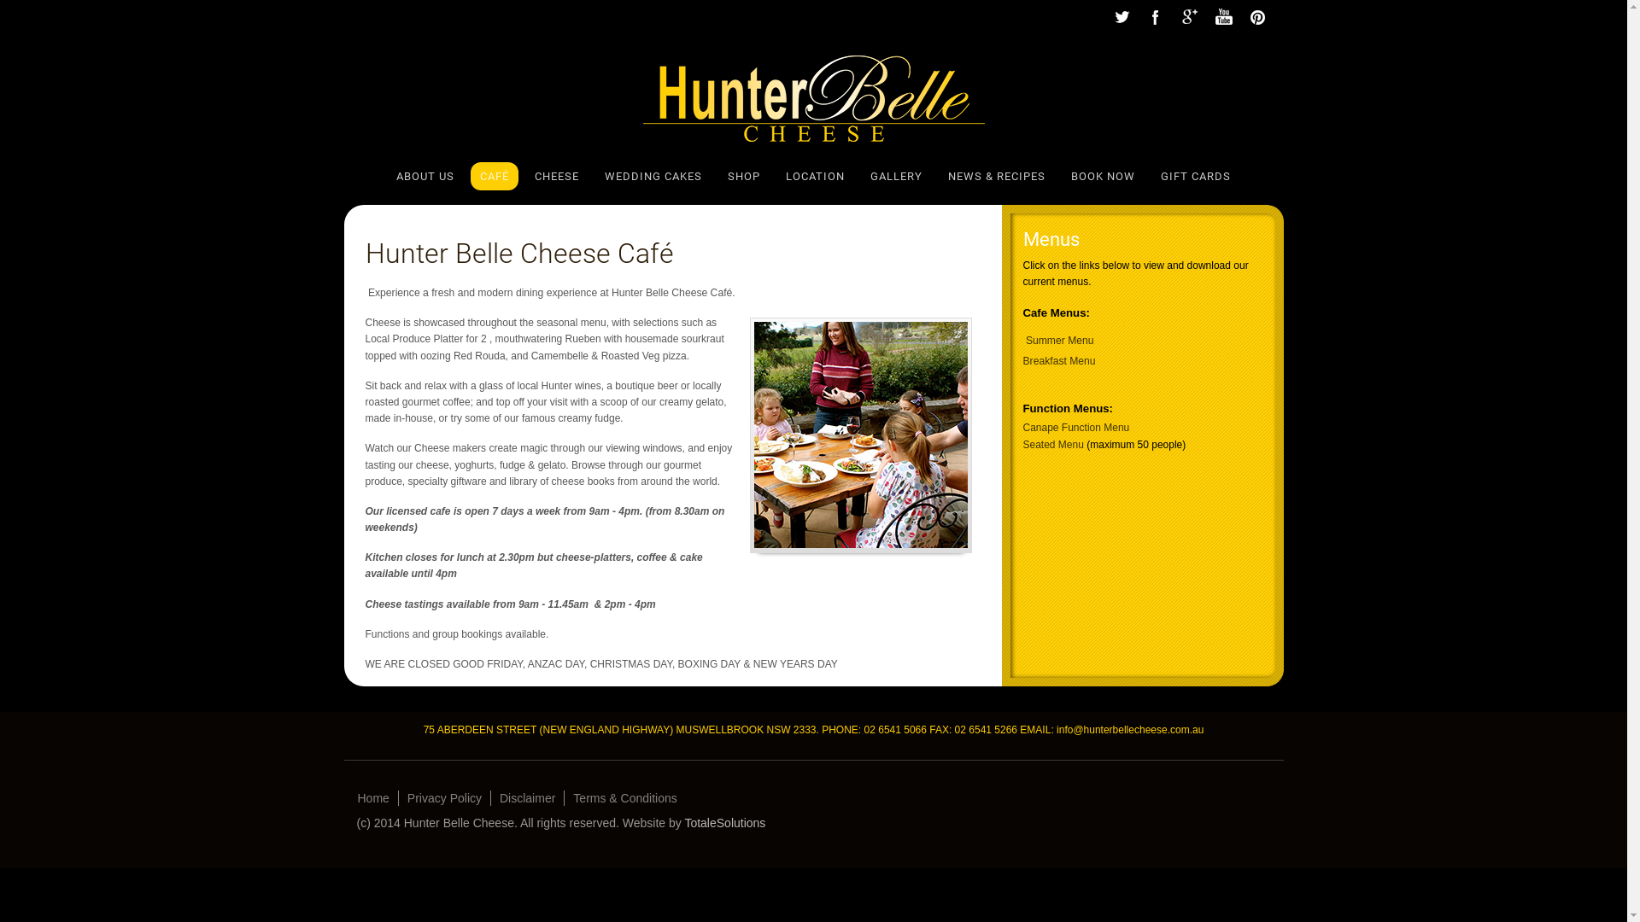  What do you see at coordinates (861, 434) in the screenshot?
I see `'Hunter Belle Cheese Cafe'` at bounding box center [861, 434].